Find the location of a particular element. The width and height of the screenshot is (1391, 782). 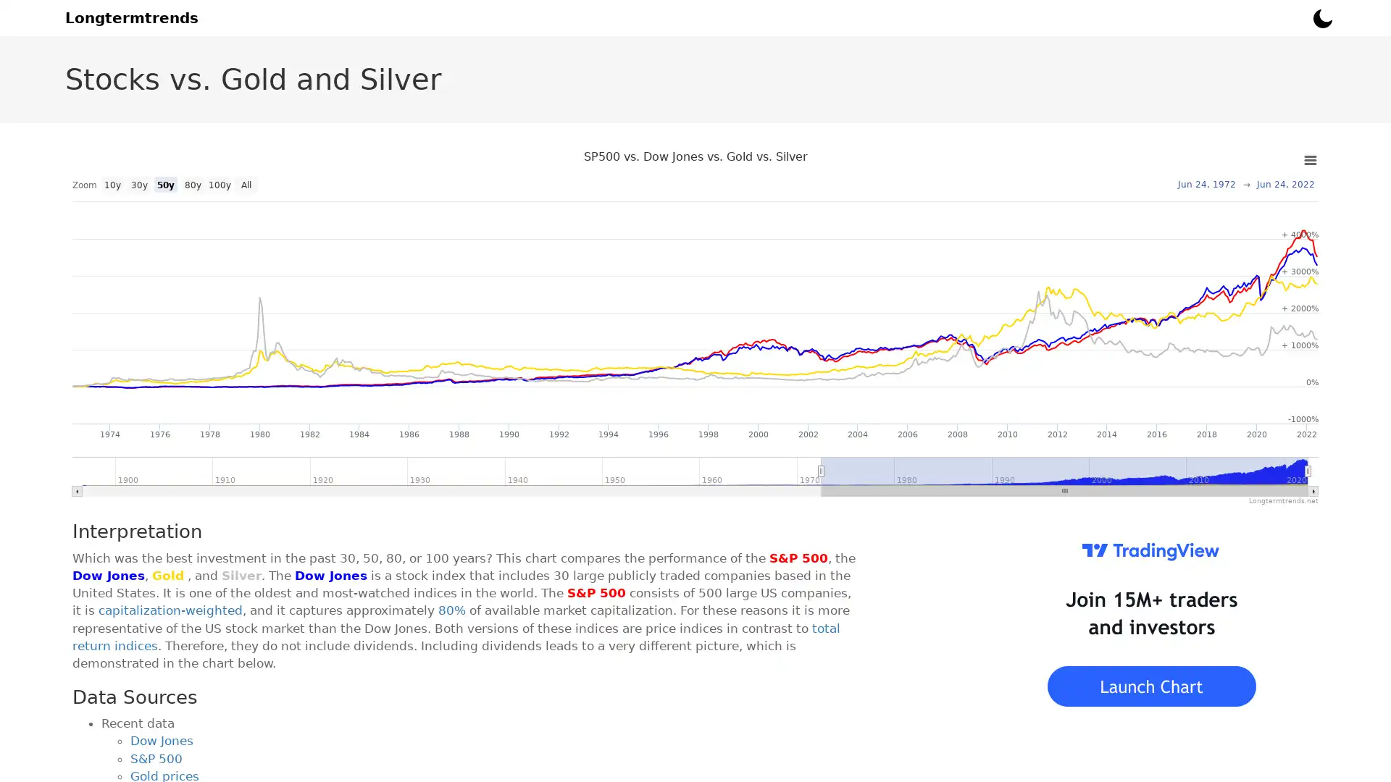

View chart menu is located at coordinates (1311, 161).